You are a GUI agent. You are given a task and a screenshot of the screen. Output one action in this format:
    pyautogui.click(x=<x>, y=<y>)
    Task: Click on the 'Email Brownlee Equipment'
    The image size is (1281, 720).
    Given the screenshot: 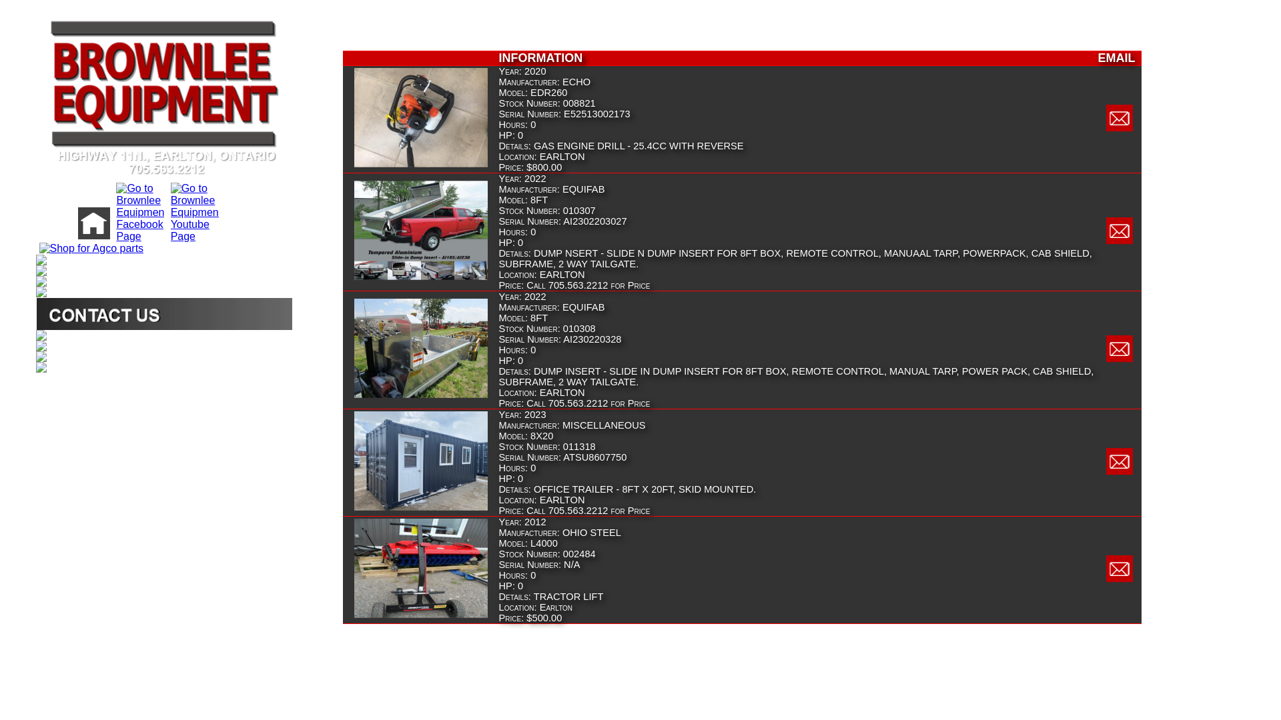 What is the action you would take?
    pyautogui.click(x=1120, y=128)
    